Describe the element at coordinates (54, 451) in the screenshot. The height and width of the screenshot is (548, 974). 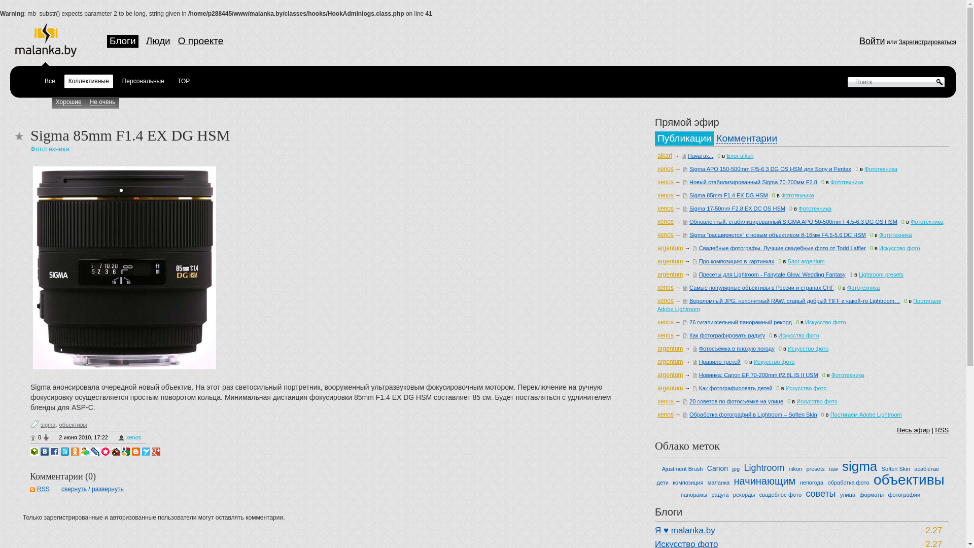
I see `'Facebook'` at that location.